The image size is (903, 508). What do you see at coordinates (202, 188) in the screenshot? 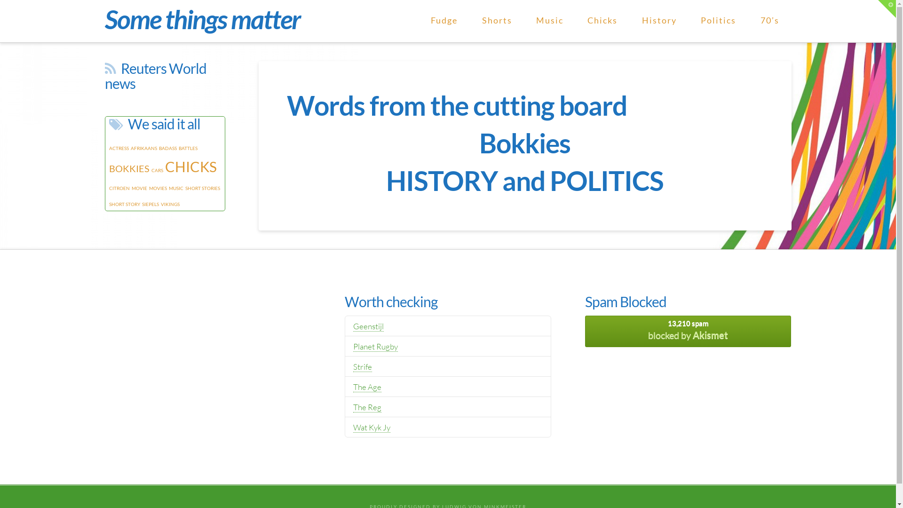
I see `'SHORT STORIES'` at bounding box center [202, 188].